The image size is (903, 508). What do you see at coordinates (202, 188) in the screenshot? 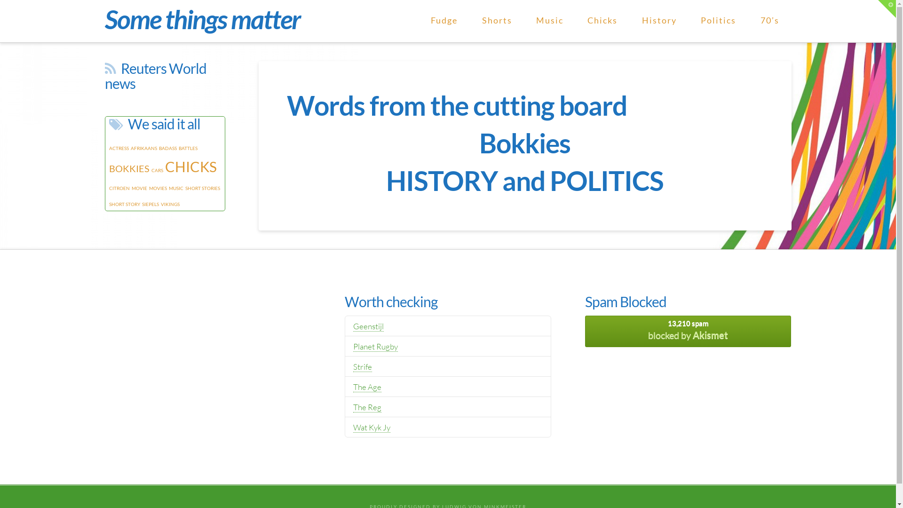
I see `'SHORT STORIES'` at bounding box center [202, 188].